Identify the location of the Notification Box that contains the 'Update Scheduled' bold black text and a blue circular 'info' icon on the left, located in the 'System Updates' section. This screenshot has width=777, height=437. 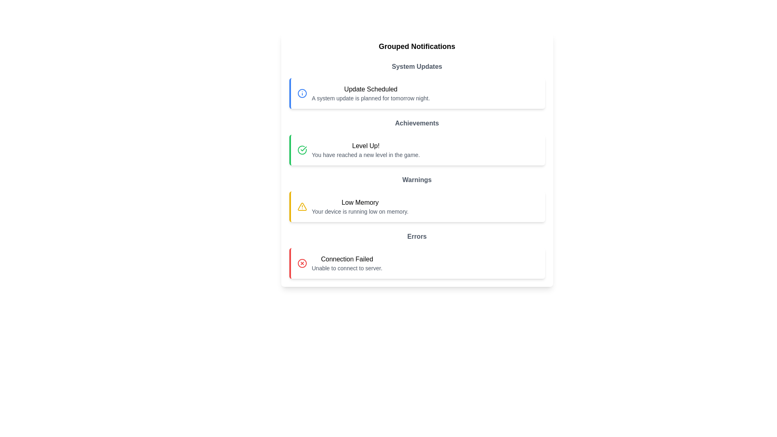
(417, 93).